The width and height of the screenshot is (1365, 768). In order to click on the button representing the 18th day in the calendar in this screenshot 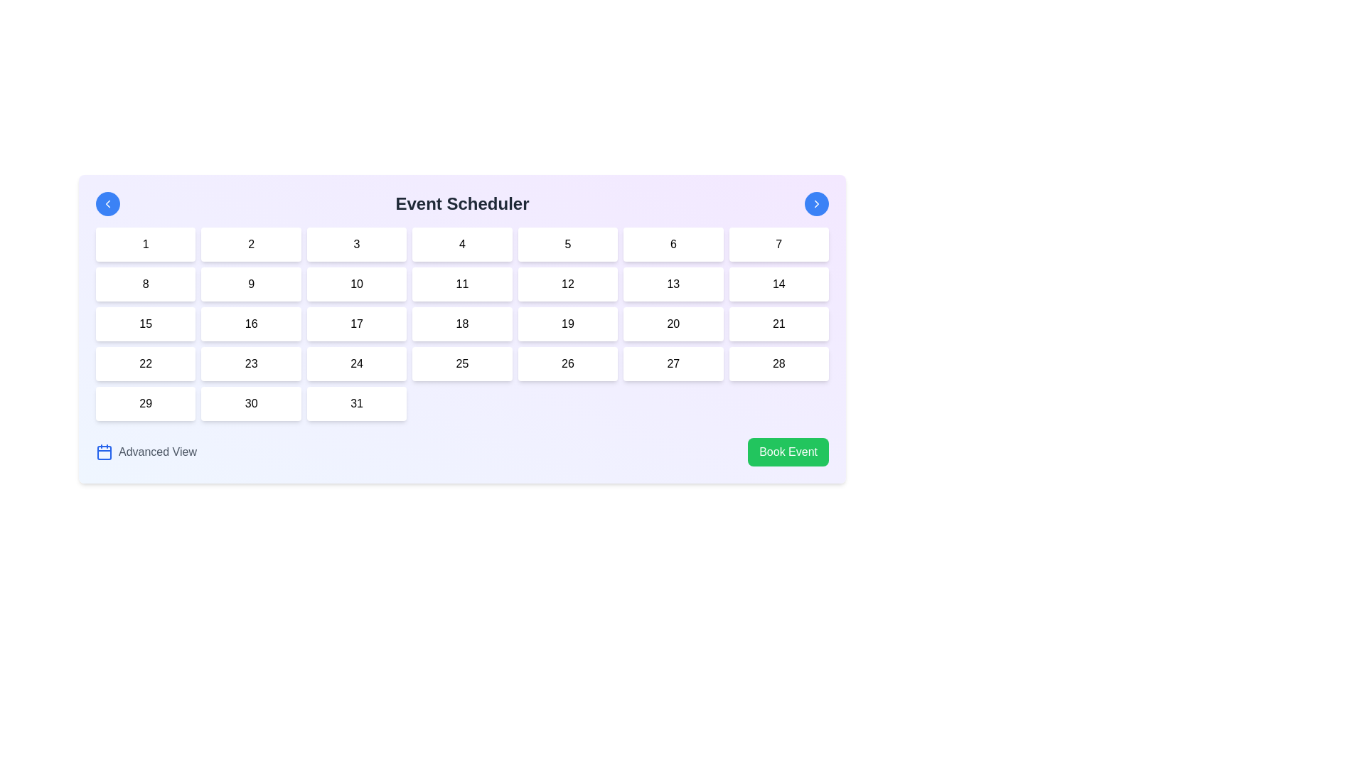, I will do `click(462, 324)`.